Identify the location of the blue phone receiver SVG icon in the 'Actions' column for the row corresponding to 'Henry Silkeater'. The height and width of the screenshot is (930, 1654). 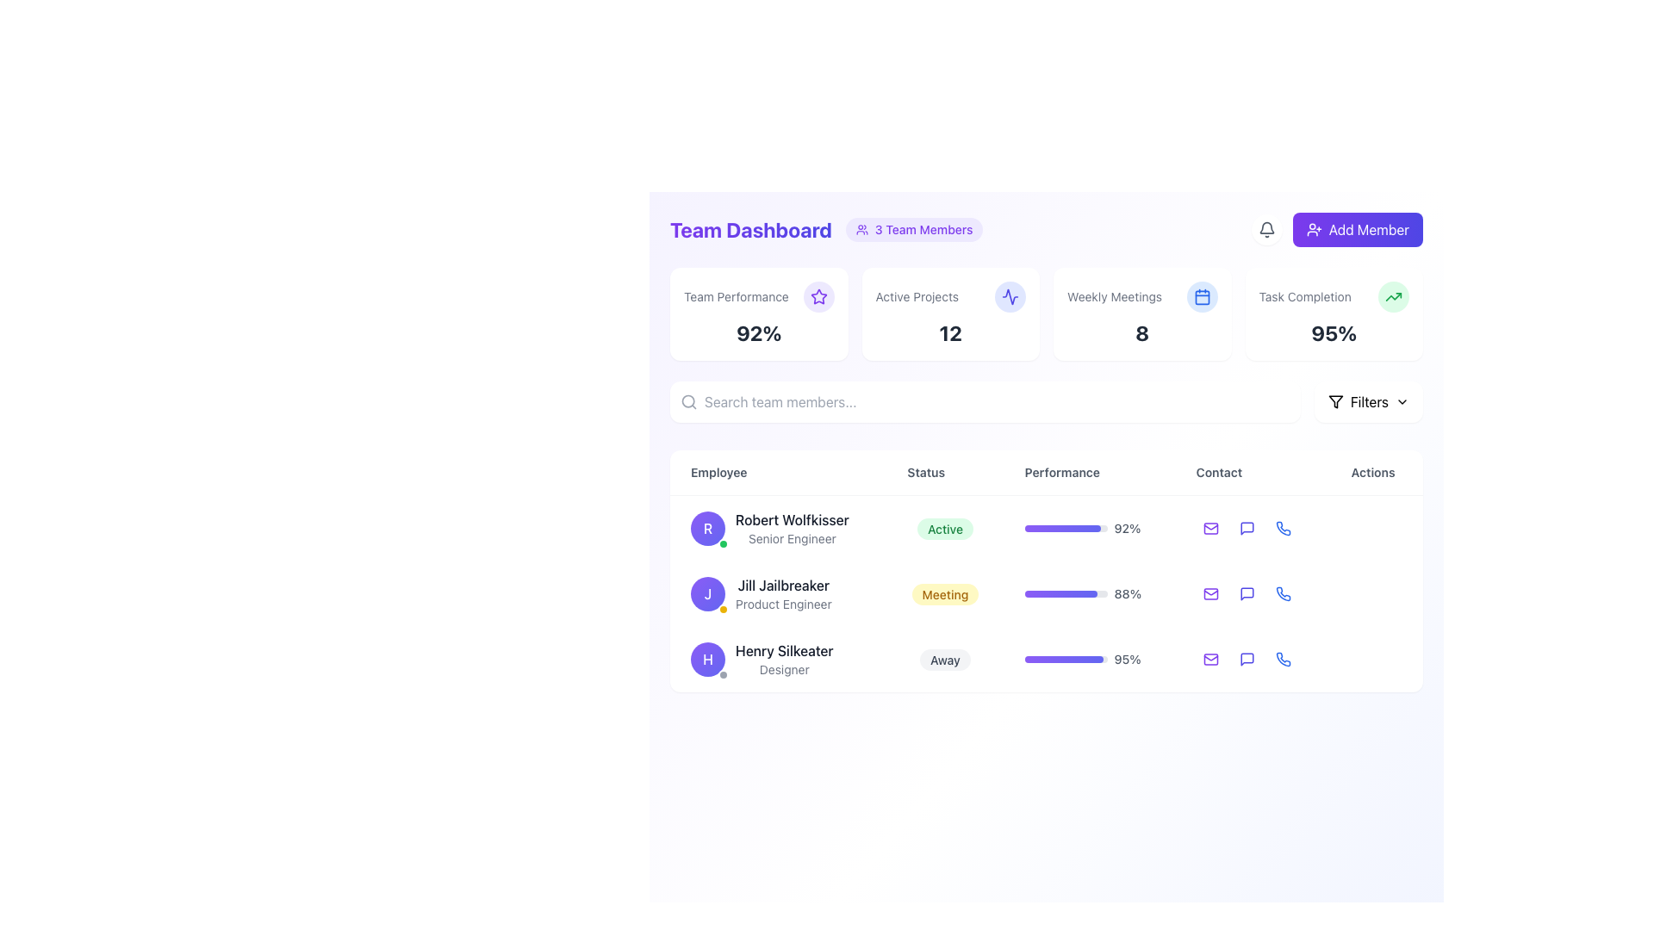
(1283, 527).